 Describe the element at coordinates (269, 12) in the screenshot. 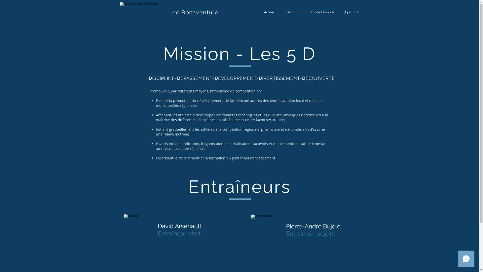

I see `'Accueil'` at that location.